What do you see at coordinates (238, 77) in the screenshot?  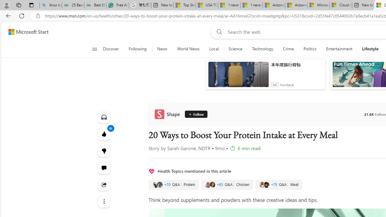 I see `'anim-content'` at bounding box center [238, 77].